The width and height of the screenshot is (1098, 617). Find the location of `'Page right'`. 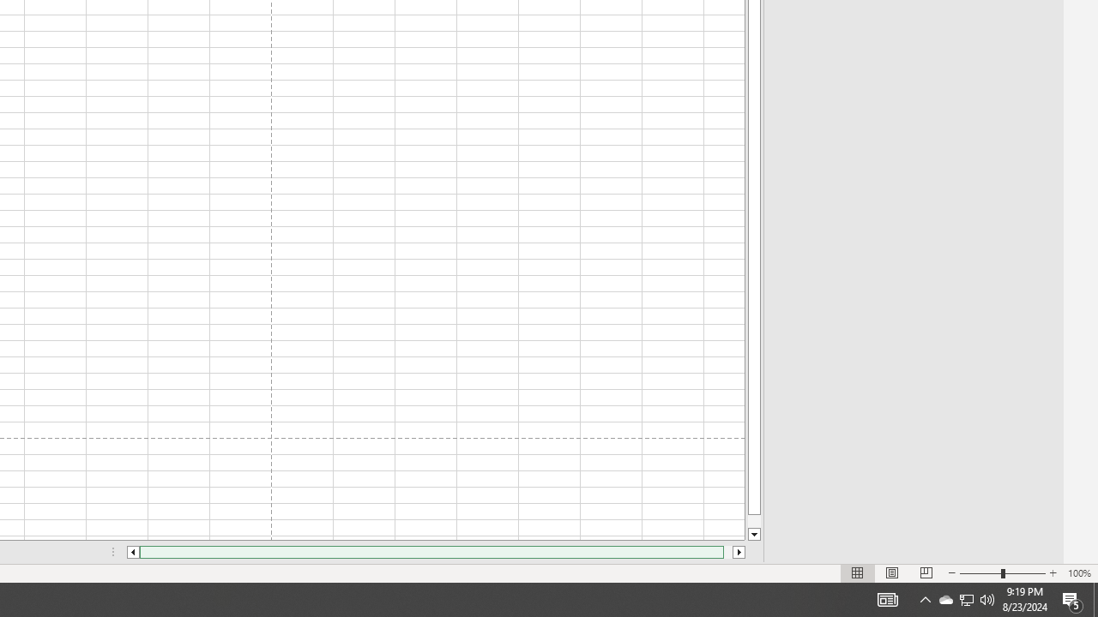

'Page right' is located at coordinates (727, 552).